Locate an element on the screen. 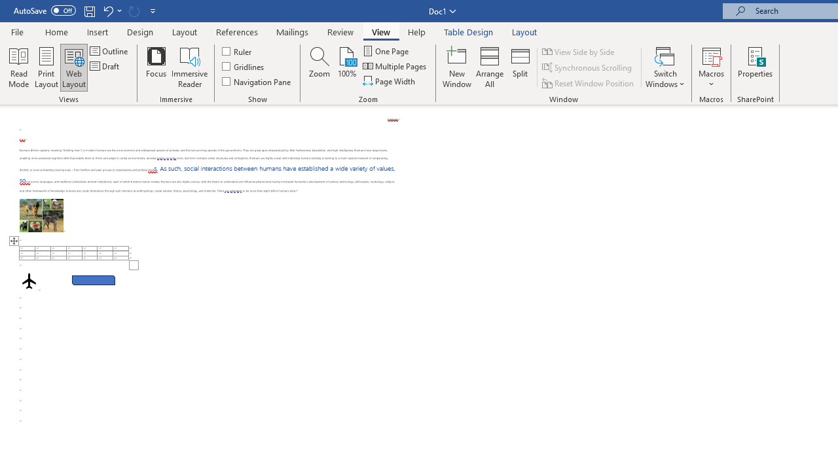  'Rectangle: Diagonal Corners Snipped 2' is located at coordinates (93, 279).